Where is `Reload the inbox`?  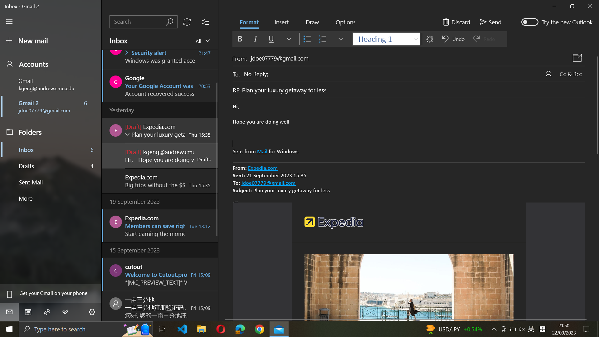
Reload the inbox is located at coordinates (187, 22).